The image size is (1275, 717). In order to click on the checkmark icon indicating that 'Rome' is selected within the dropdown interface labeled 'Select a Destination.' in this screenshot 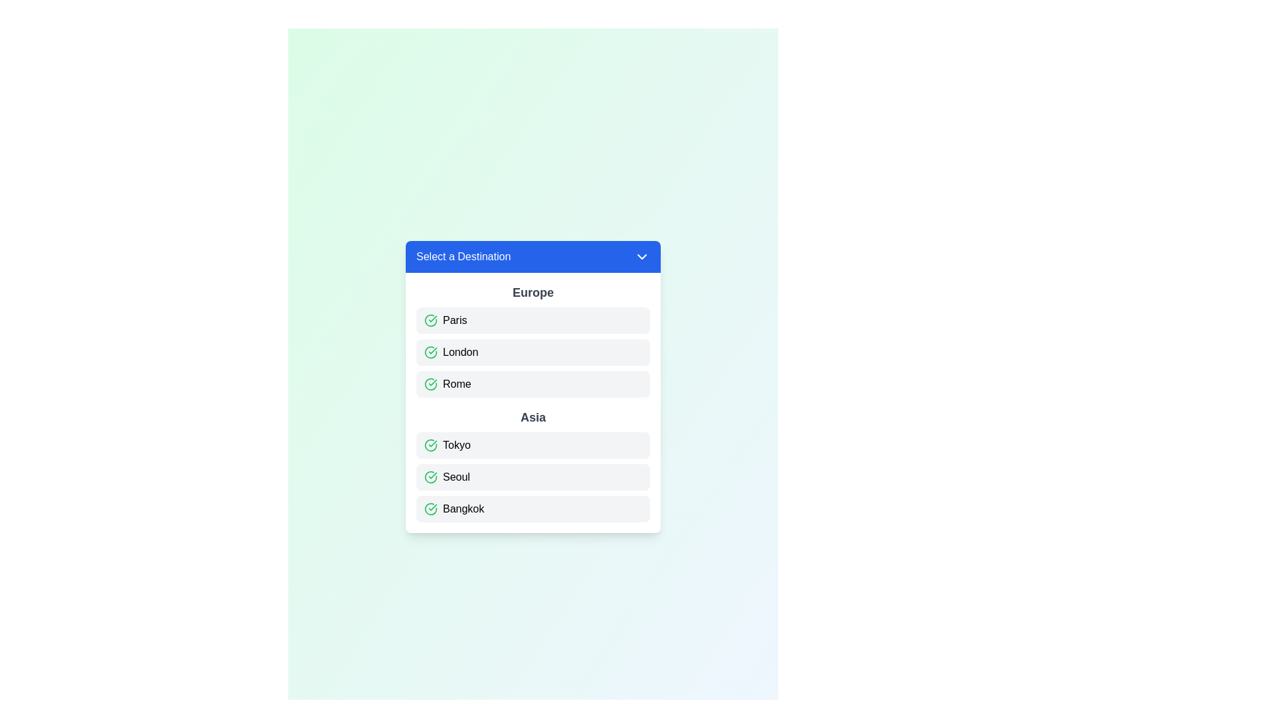, I will do `click(430, 384)`.